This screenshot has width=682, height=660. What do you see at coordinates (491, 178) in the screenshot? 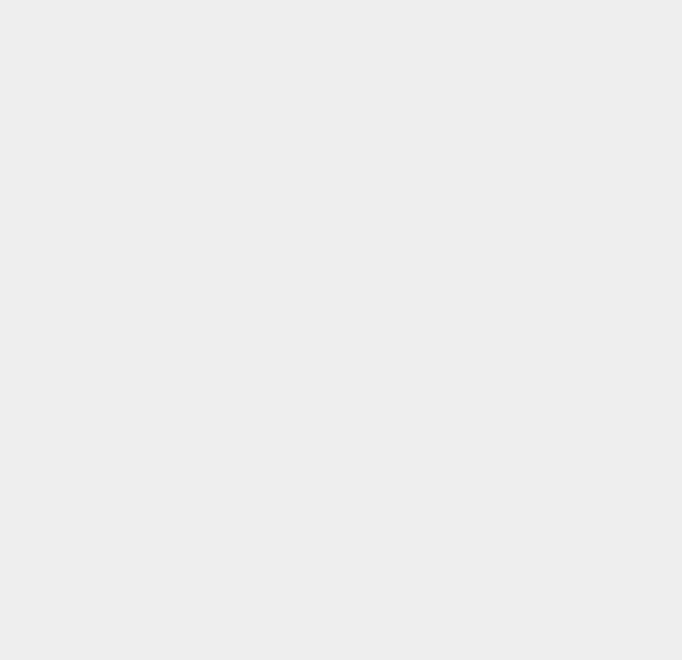
I see `'CMS'` at bounding box center [491, 178].